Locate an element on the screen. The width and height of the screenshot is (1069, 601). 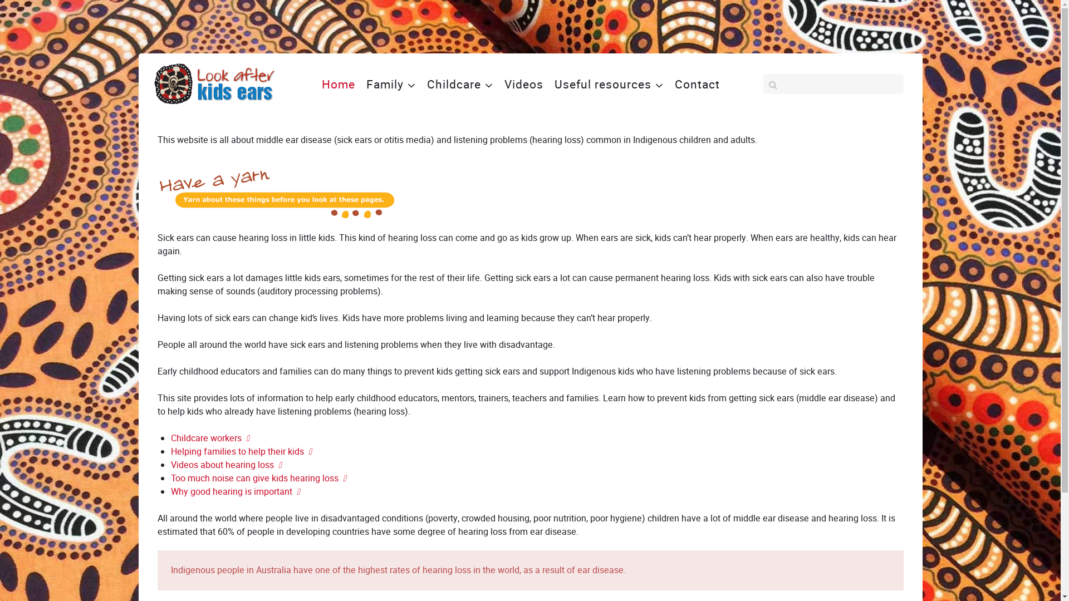
'Too much noise can give kids hearing loss' is located at coordinates (257, 477).